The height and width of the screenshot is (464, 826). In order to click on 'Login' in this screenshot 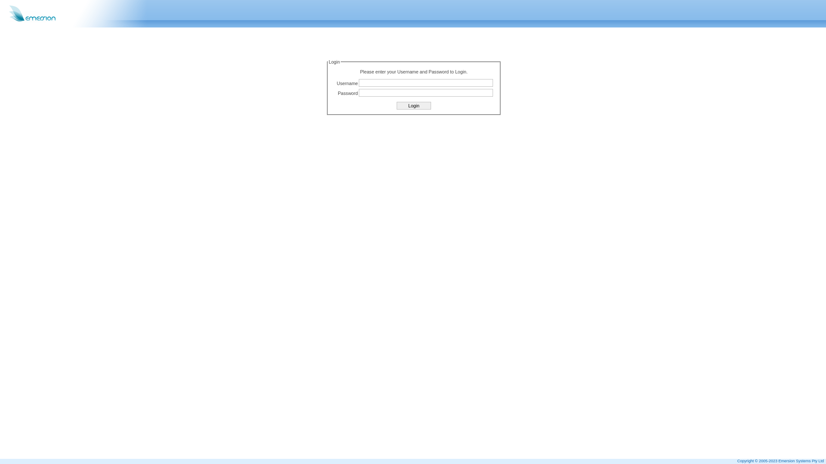, I will do `click(413, 105)`.